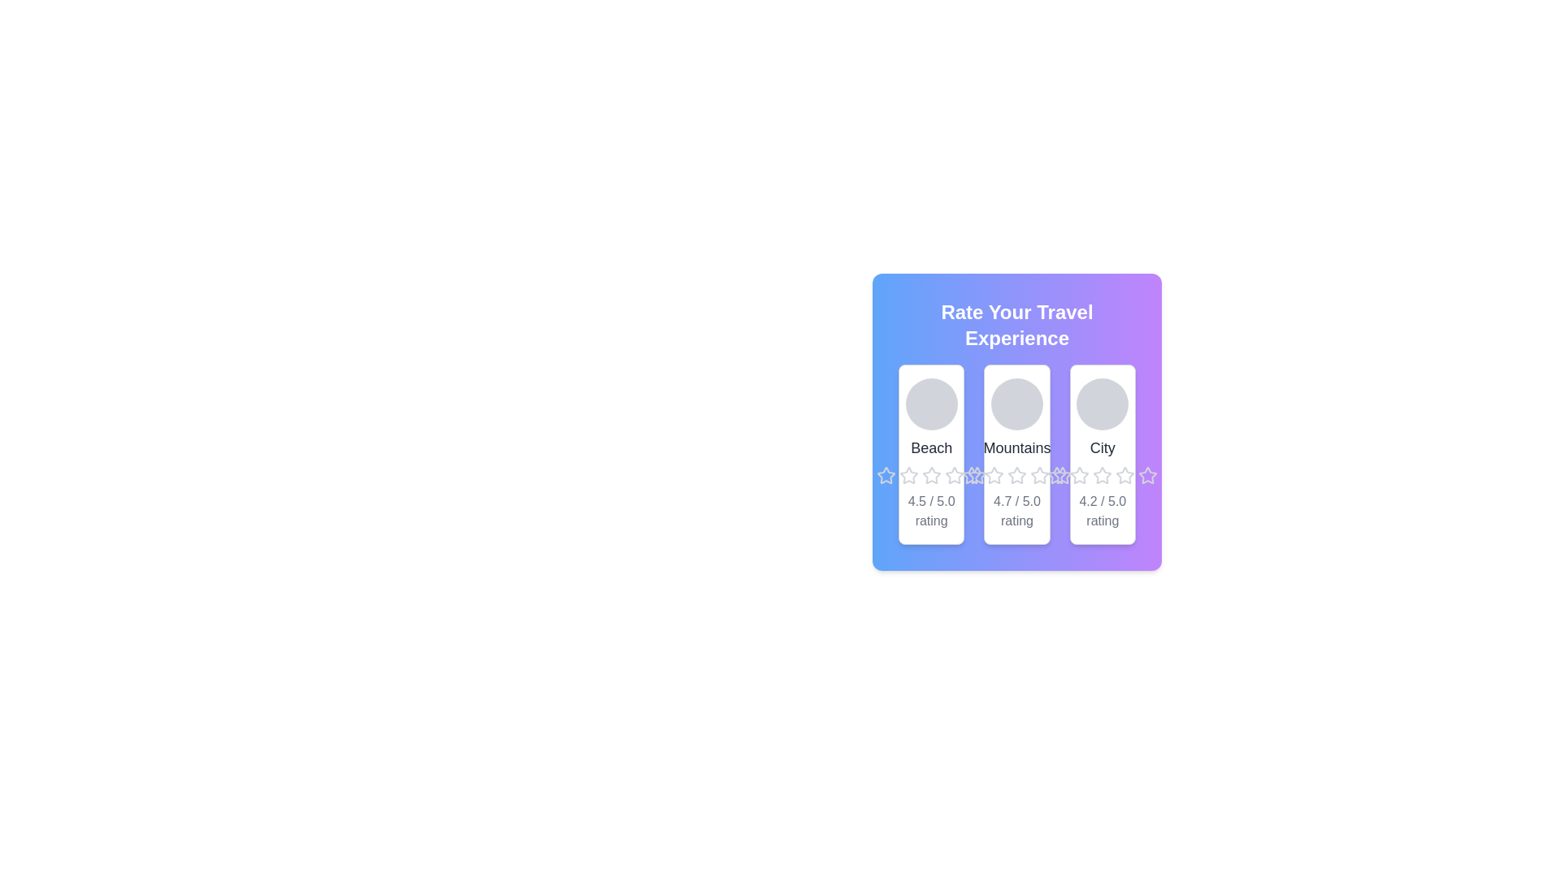  What do you see at coordinates (1016, 475) in the screenshot?
I see `the fourth gray star icon in the row of star icons beneath the 'Mountains' card, indicating its inactive state` at bounding box center [1016, 475].